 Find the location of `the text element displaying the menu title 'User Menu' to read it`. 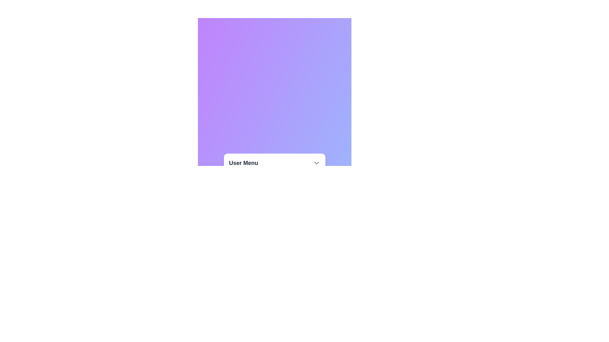

the text element displaying the menu title 'User Menu' to read it is located at coordinates (274, 163).